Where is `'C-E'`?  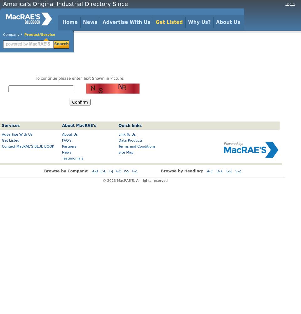 'C-E' is located at coordinates (103, 171).